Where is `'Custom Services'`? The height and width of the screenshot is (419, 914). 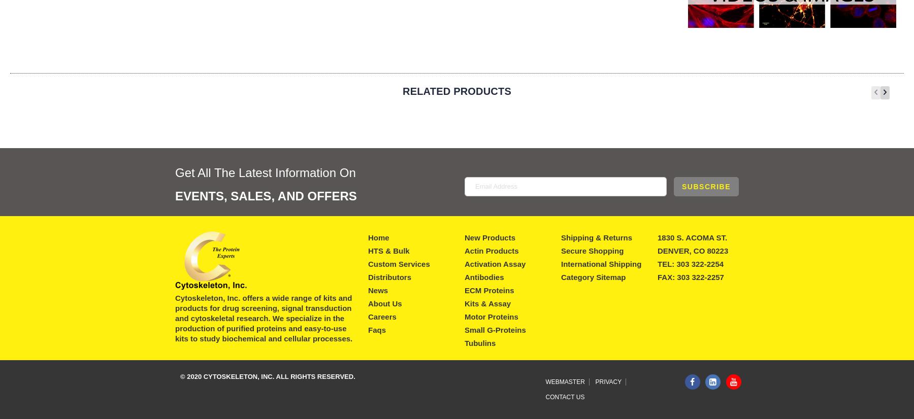 'Custom Services' is located at coordinates (398, 263).